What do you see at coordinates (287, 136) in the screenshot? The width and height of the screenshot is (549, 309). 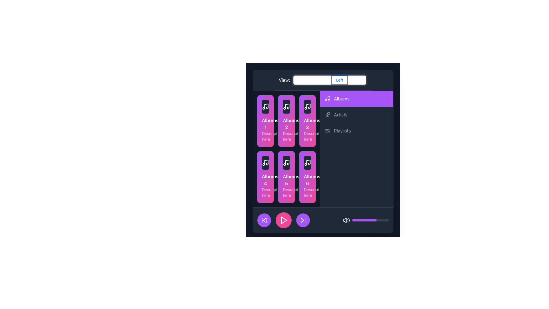 I see `the static text label providing additional descriptive information about the associated album or card, located under the 'Albums 2' label in the second card of the grid layout` at bounding box center [287, 136].